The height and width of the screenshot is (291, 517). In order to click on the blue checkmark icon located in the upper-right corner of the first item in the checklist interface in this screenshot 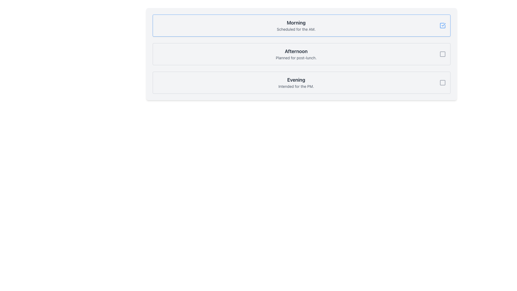, I will do `click(443, 25)`.